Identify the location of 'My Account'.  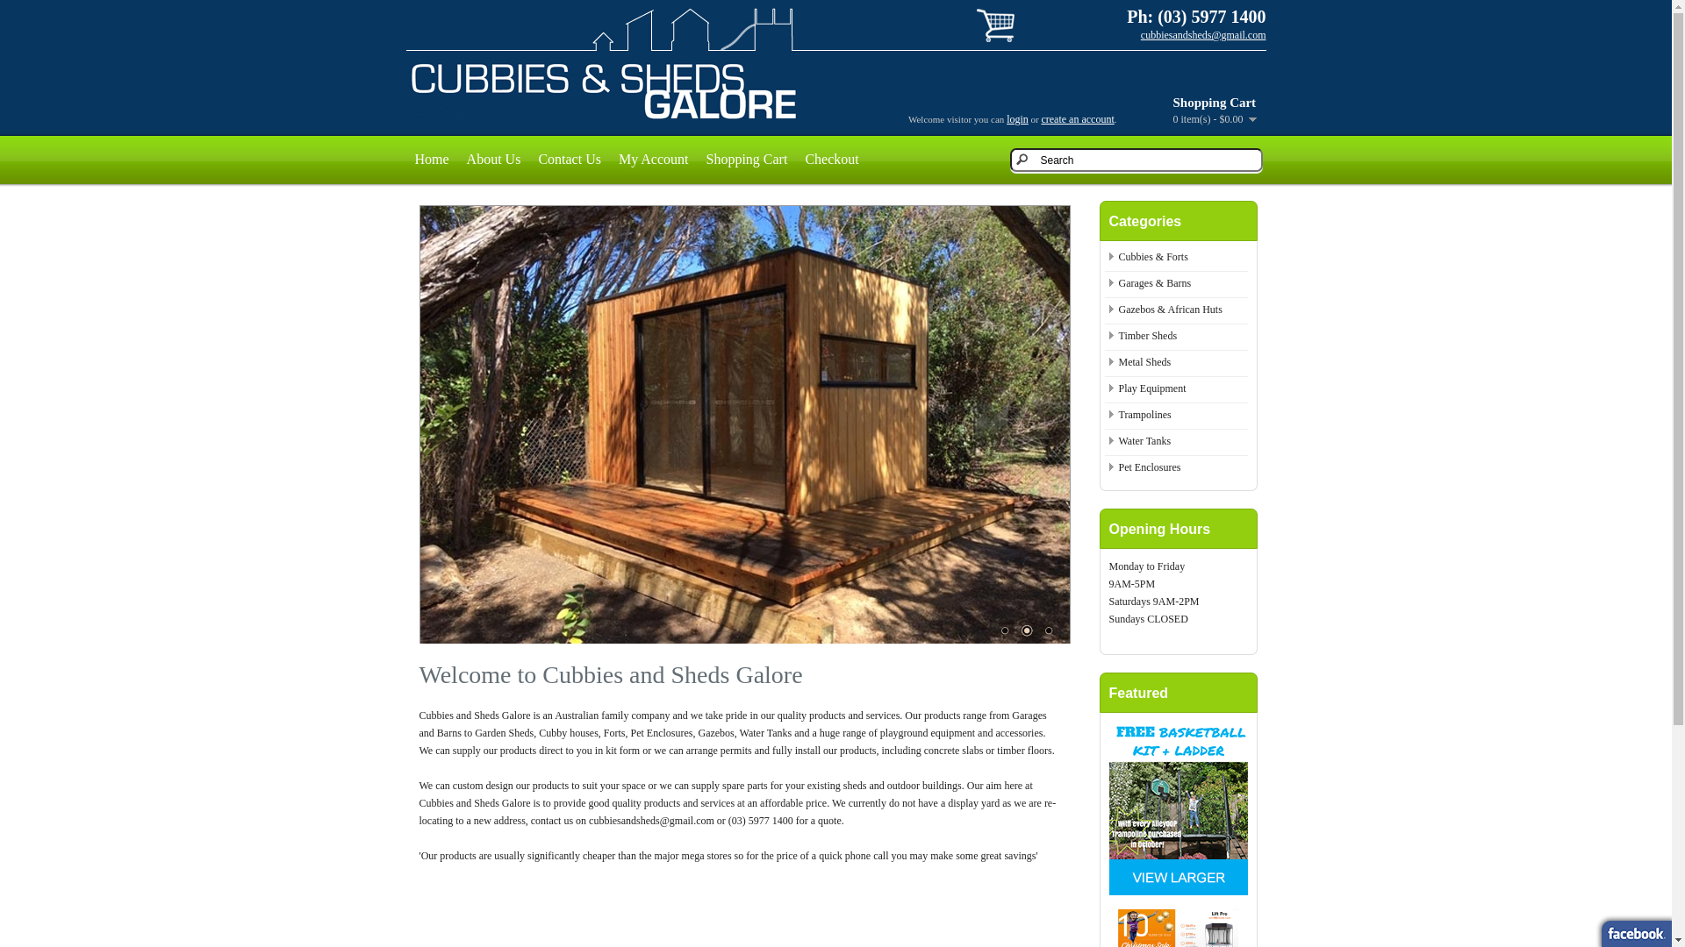
(652, 159).